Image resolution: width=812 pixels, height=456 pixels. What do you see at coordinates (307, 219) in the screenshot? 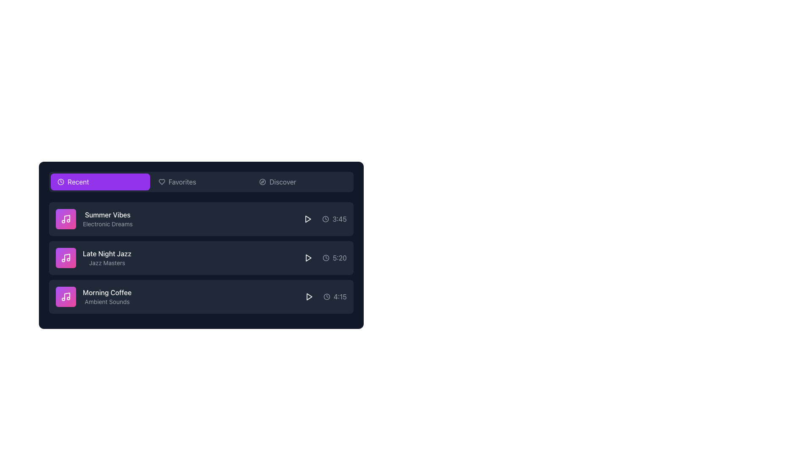
I see `the play button located in the 'Summer Vibes' row to initiate playback of the associated audio or video track` at bounding box center [307, 219].